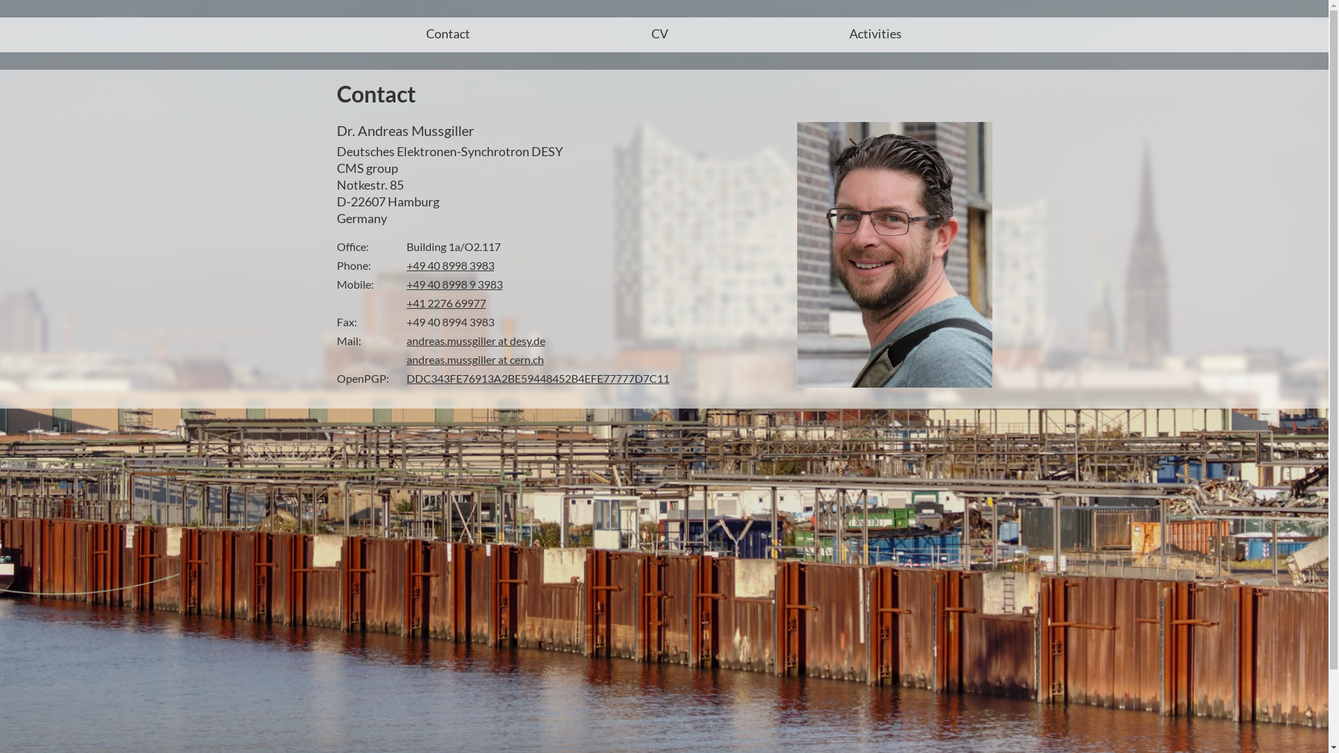 The width and height of the screenshot is (1339, 753). I want to click on '+49 40 8998 9 3983', so click(454, 283).